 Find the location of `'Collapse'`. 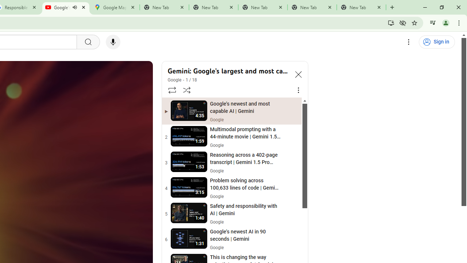

'Collapse' is located at coordinates (298, 74).